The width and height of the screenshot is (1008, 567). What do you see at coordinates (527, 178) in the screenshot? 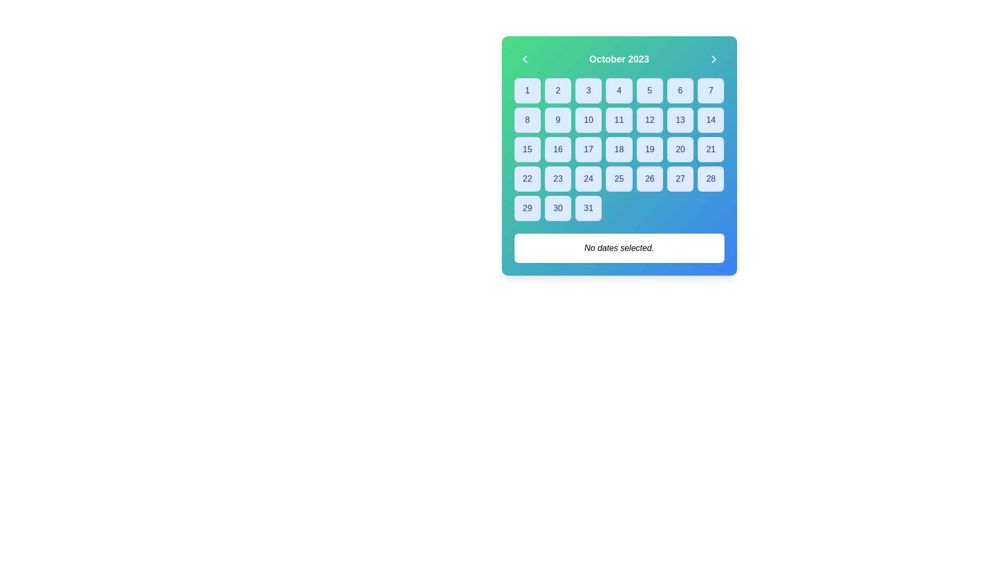
I see `the button representing the 22nd of October 2023` at bounding box center [527, 178].